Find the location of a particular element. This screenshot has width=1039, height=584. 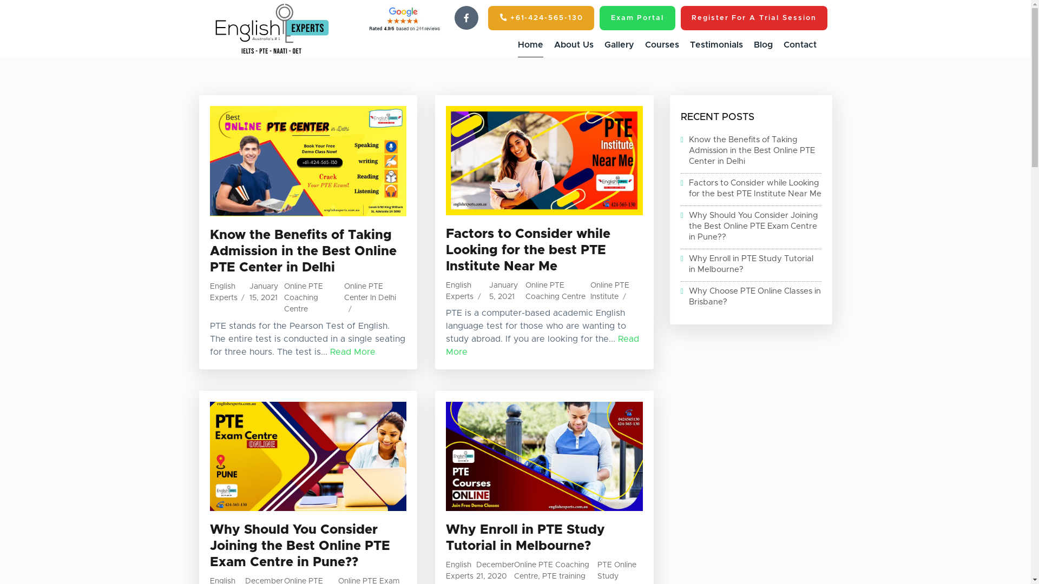

'English Experts' is located at coordinates (446, 290).